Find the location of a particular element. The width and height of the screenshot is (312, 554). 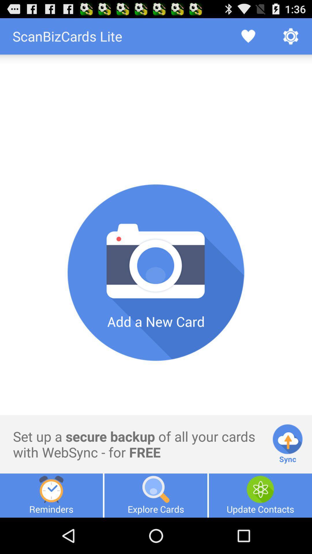

explore cards icon is located at coordinates (155, 495).